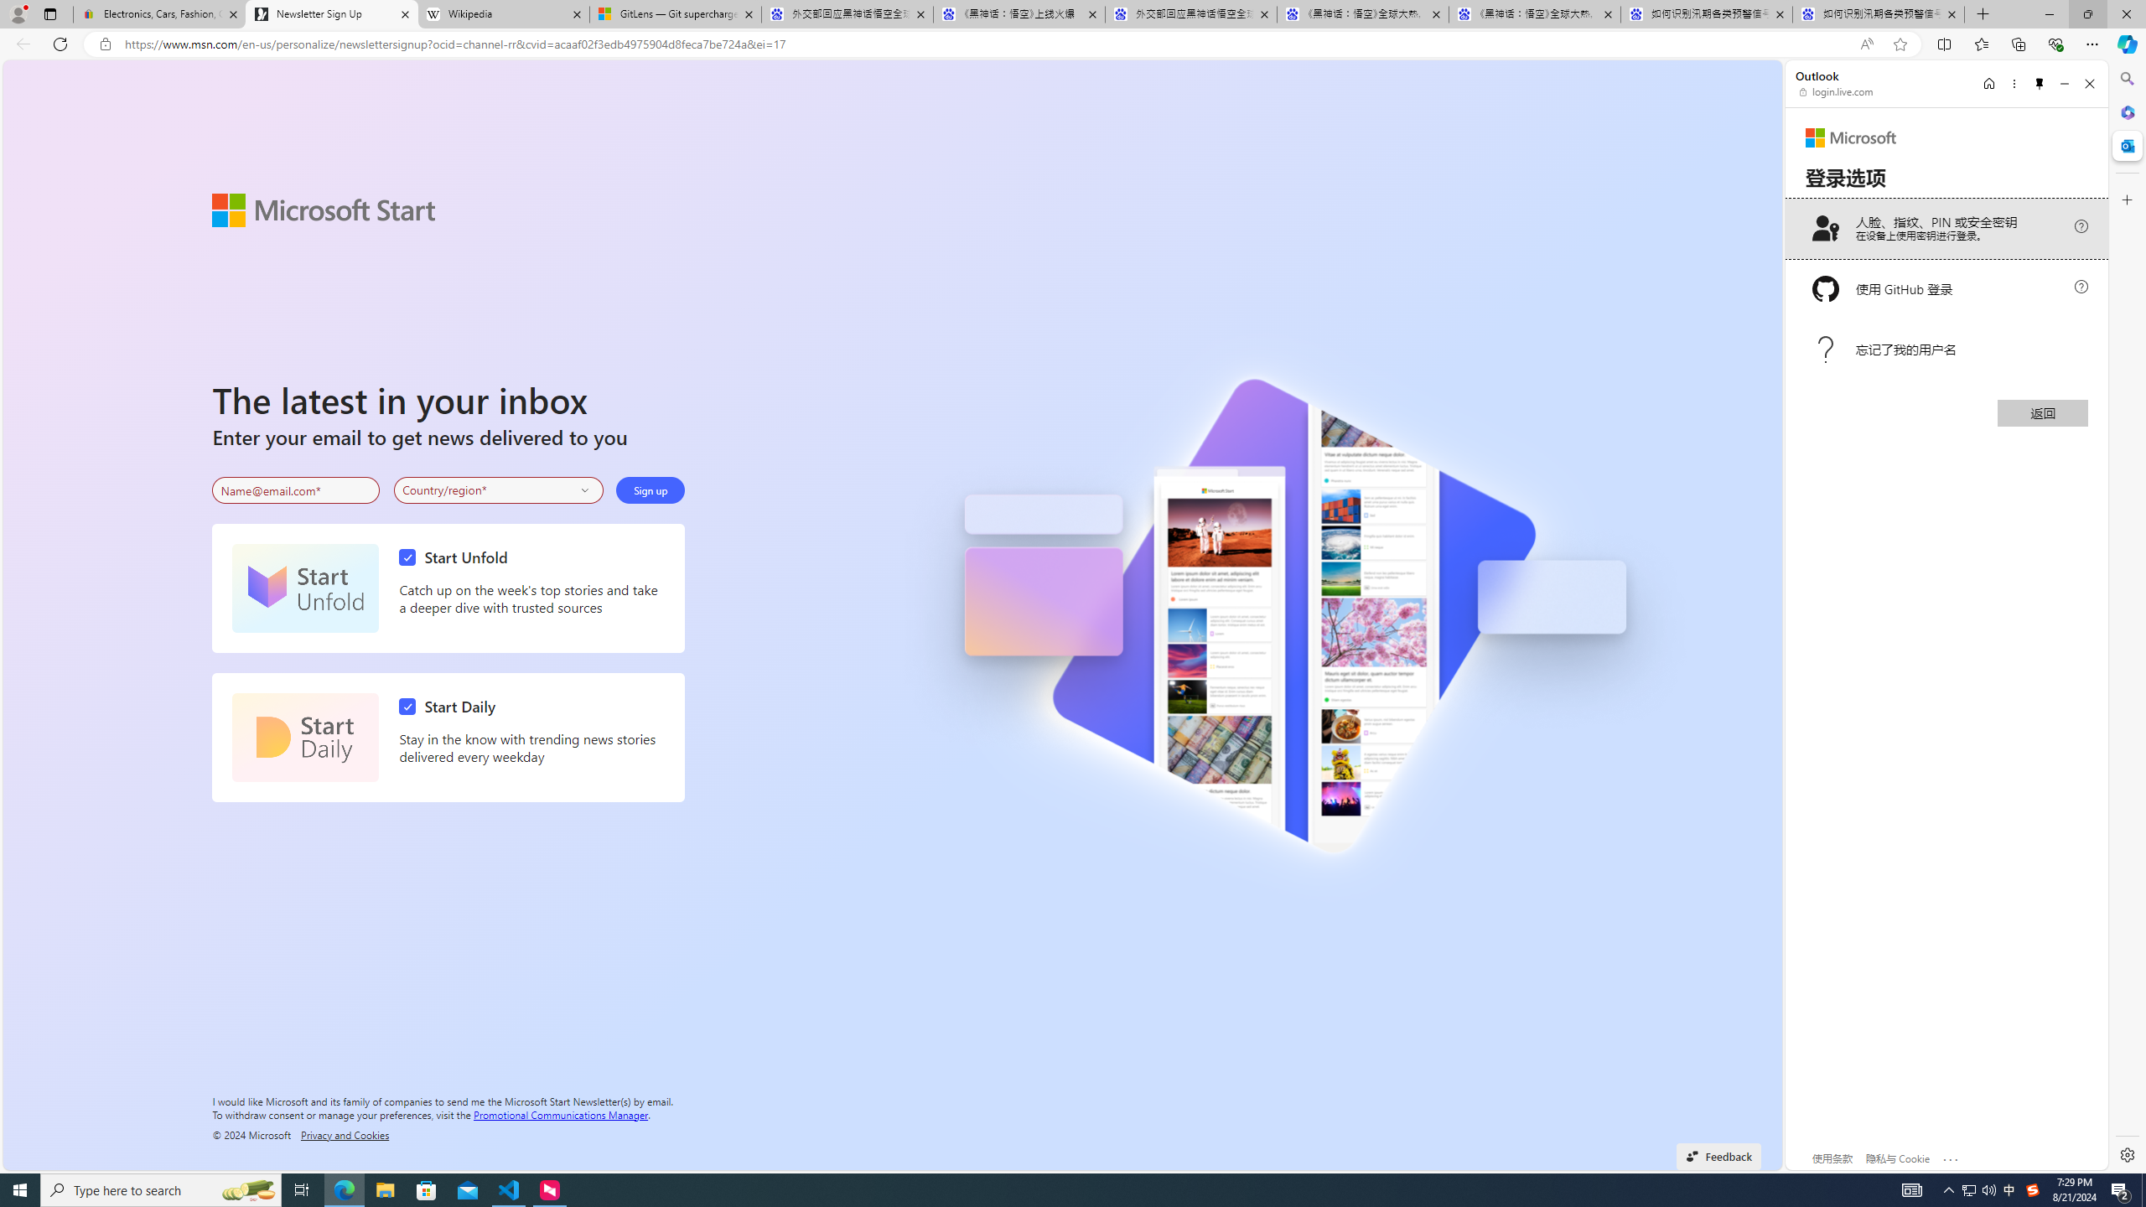  Describe the element at coordinates (304, 738) in the screenshot. I see `'Start Daily'` at that location.